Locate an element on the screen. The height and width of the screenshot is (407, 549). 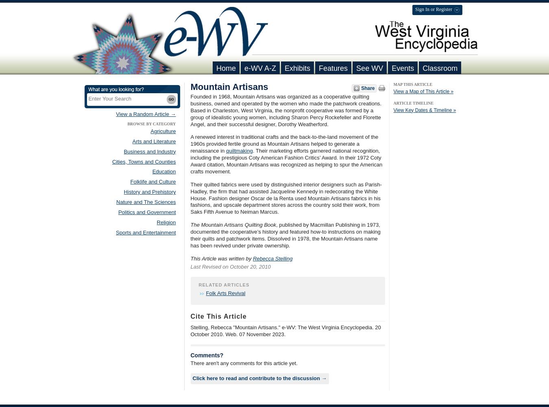
'Related Articles' is located at coordinates (198, 284).